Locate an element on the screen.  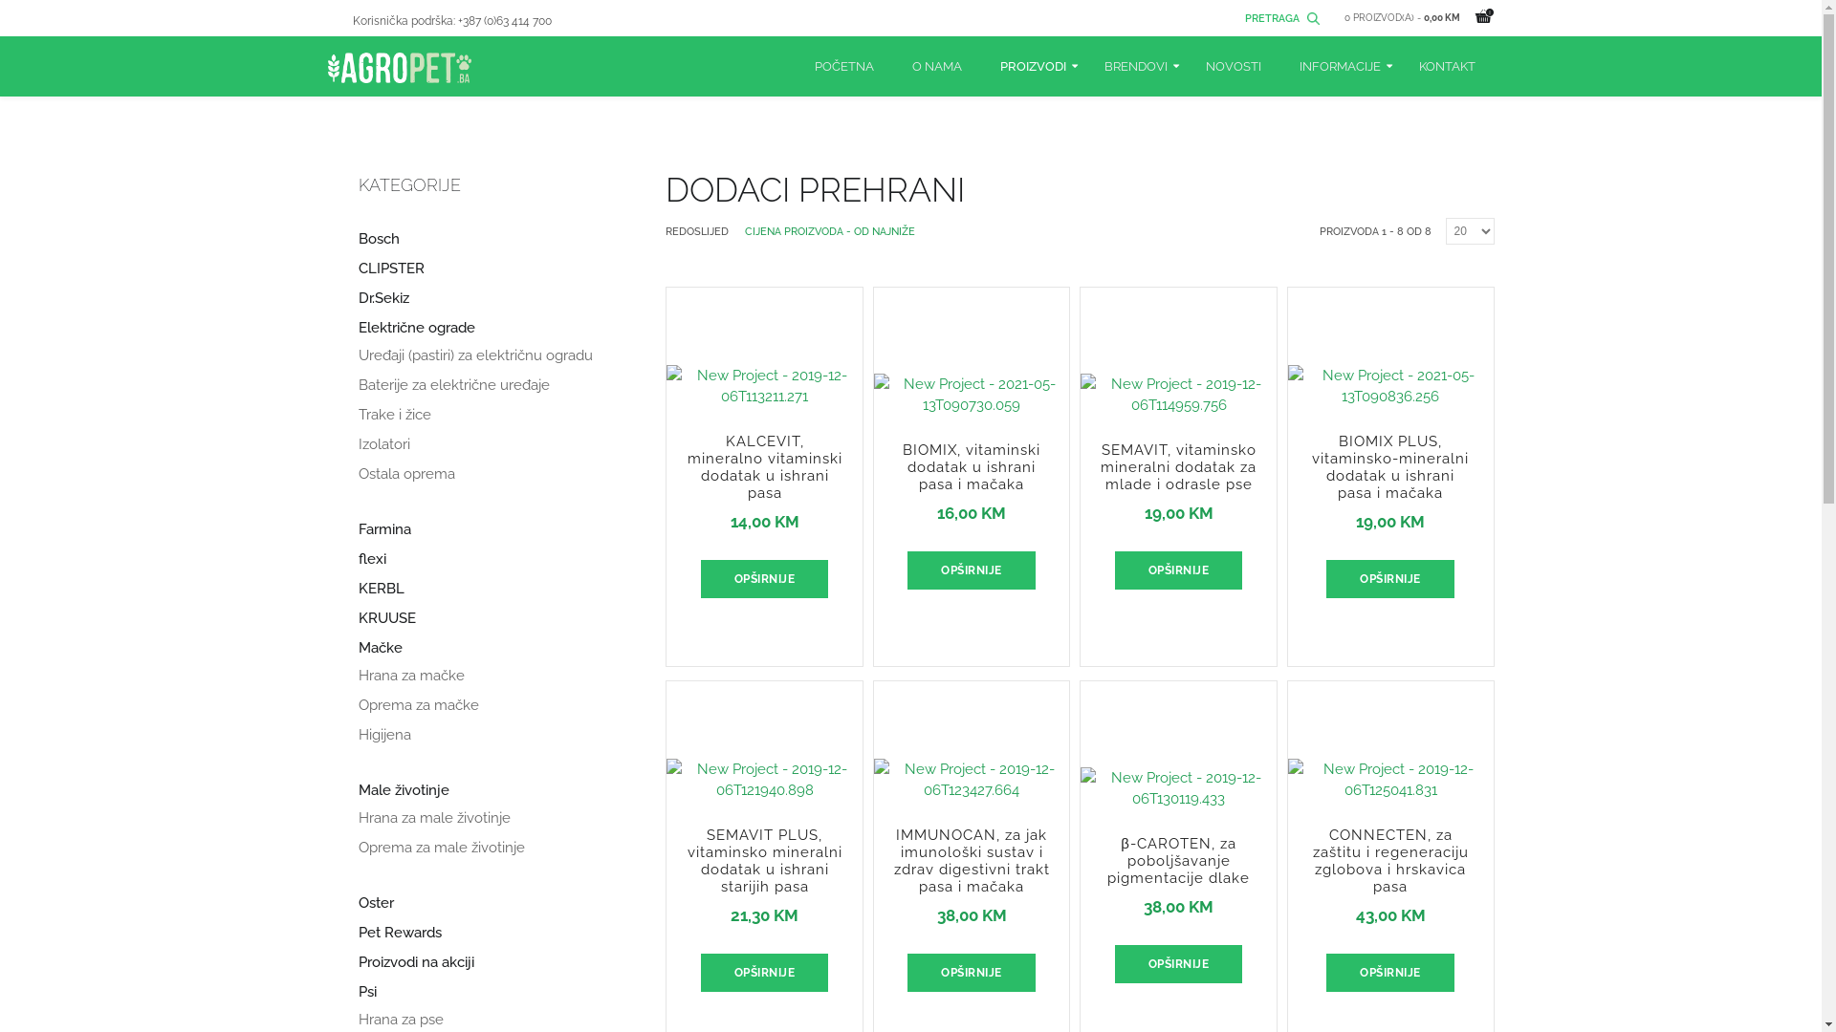
'KONTAKT' is located at coordinates (1447, 65).